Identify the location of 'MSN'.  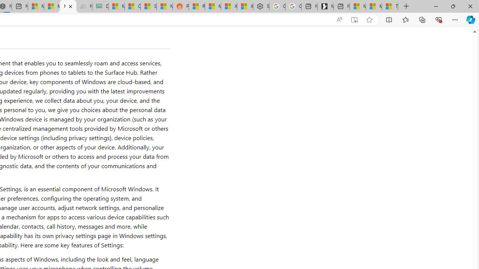
(164, 6).